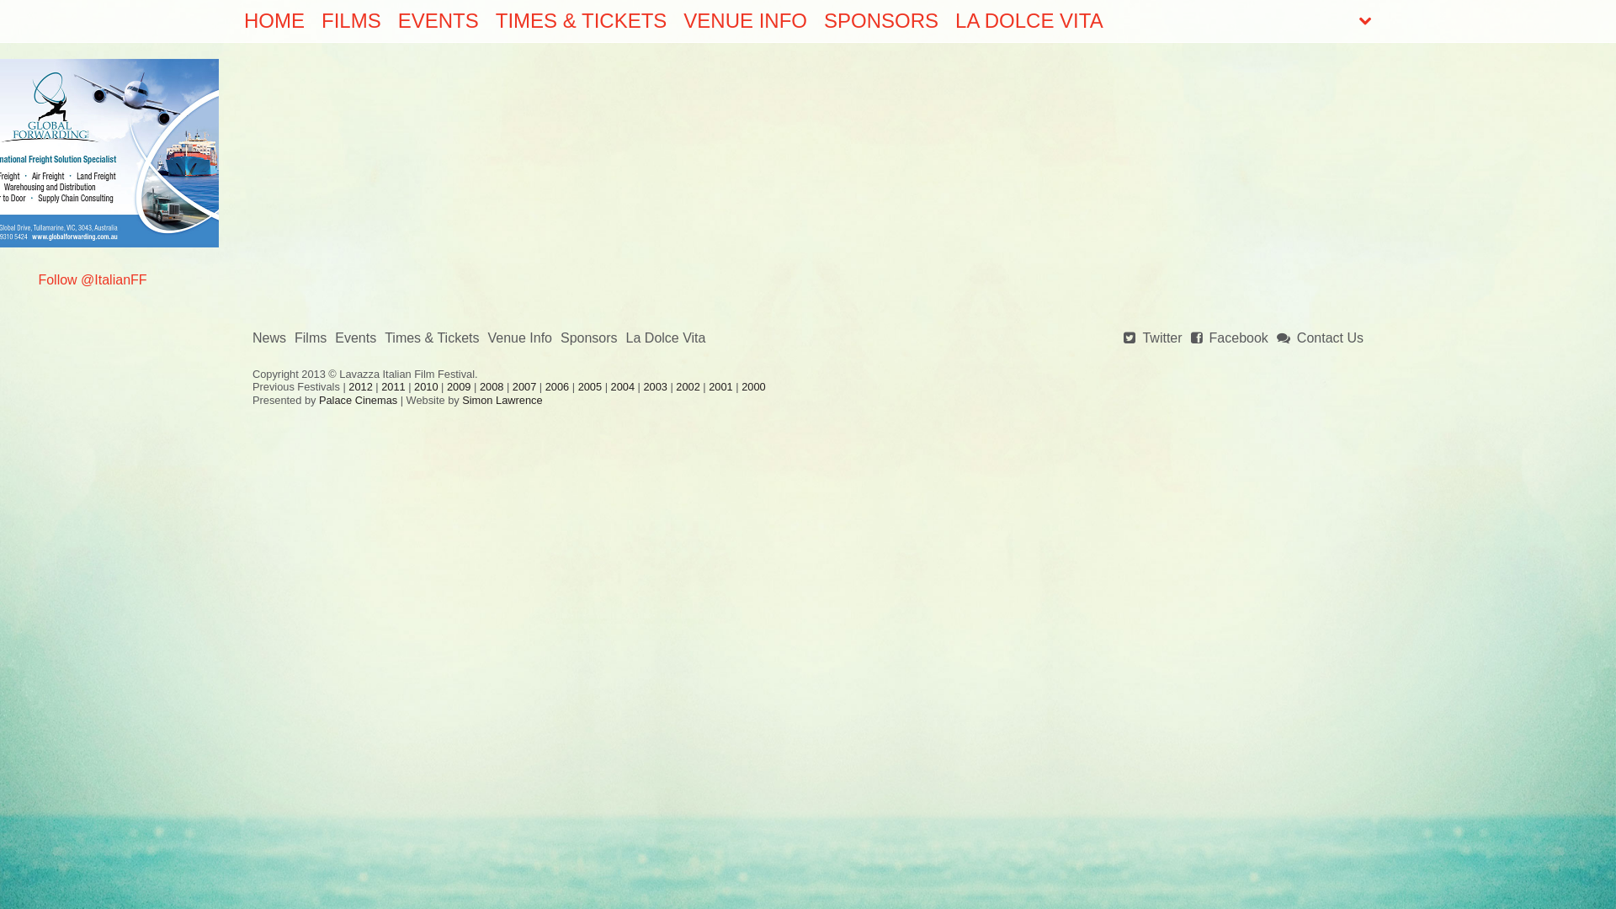 This screenshot has width=1616, height=909. Describe the element at coordinates (354, 338) in the screenshot. I see `'Events'` at that location.